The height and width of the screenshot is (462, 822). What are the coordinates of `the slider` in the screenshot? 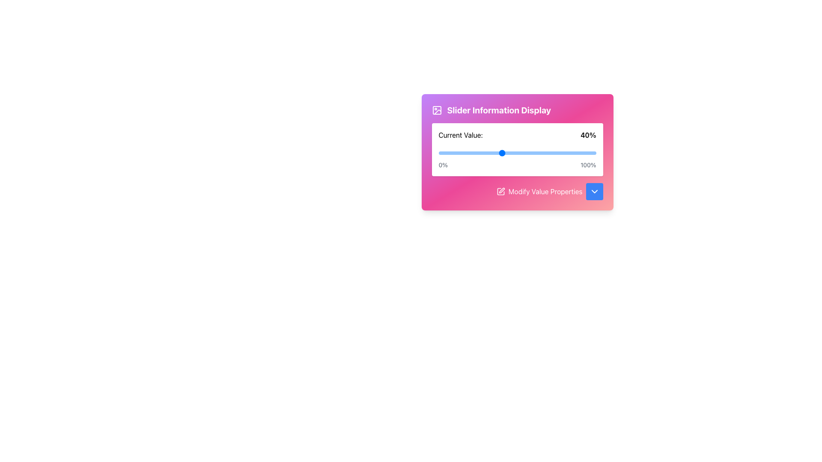 It's located at (589, 153).